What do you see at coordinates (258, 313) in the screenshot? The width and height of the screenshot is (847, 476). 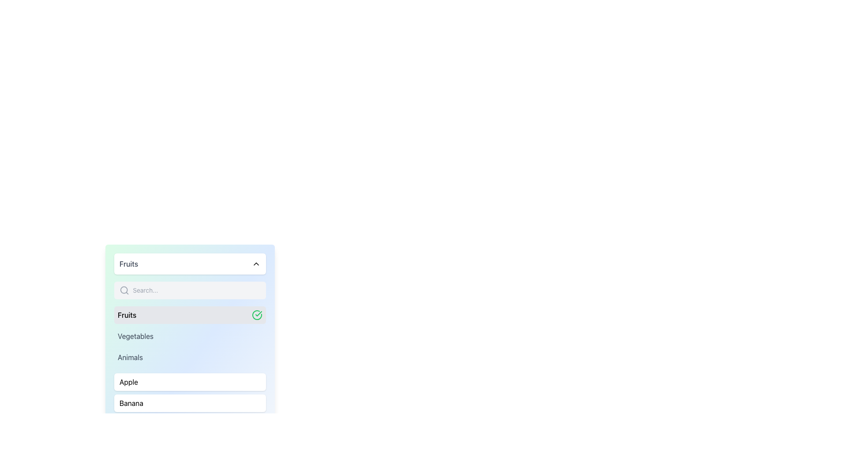 I see `the green checkmark icon located to the right of the 'Fruits' text in the dropdown menu` at bounding box center [258, 313].